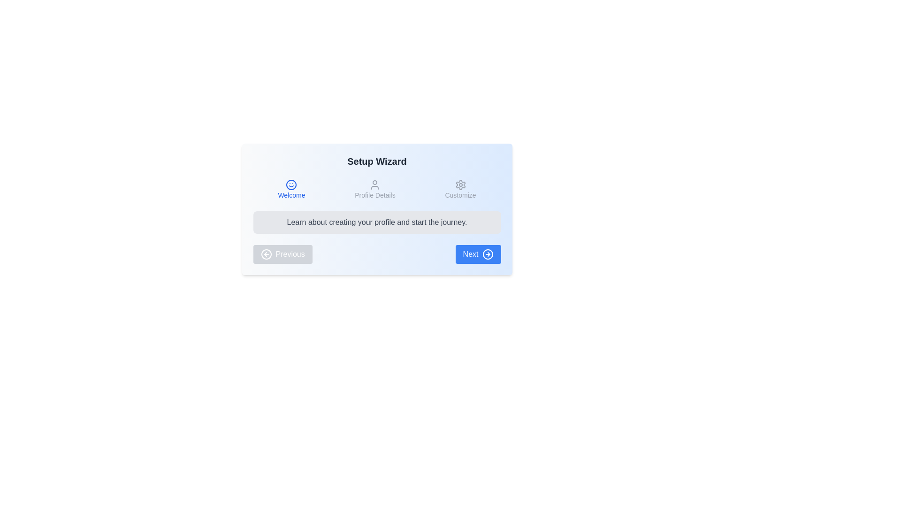  What do you see at coordinates (488, 254) in the screenshot?
I see `the visual representation of the graphical icon adjacent to the 'Next' label within the blue button at the bottom-right corner of the wizard interface` at bounding box center [488, 254].